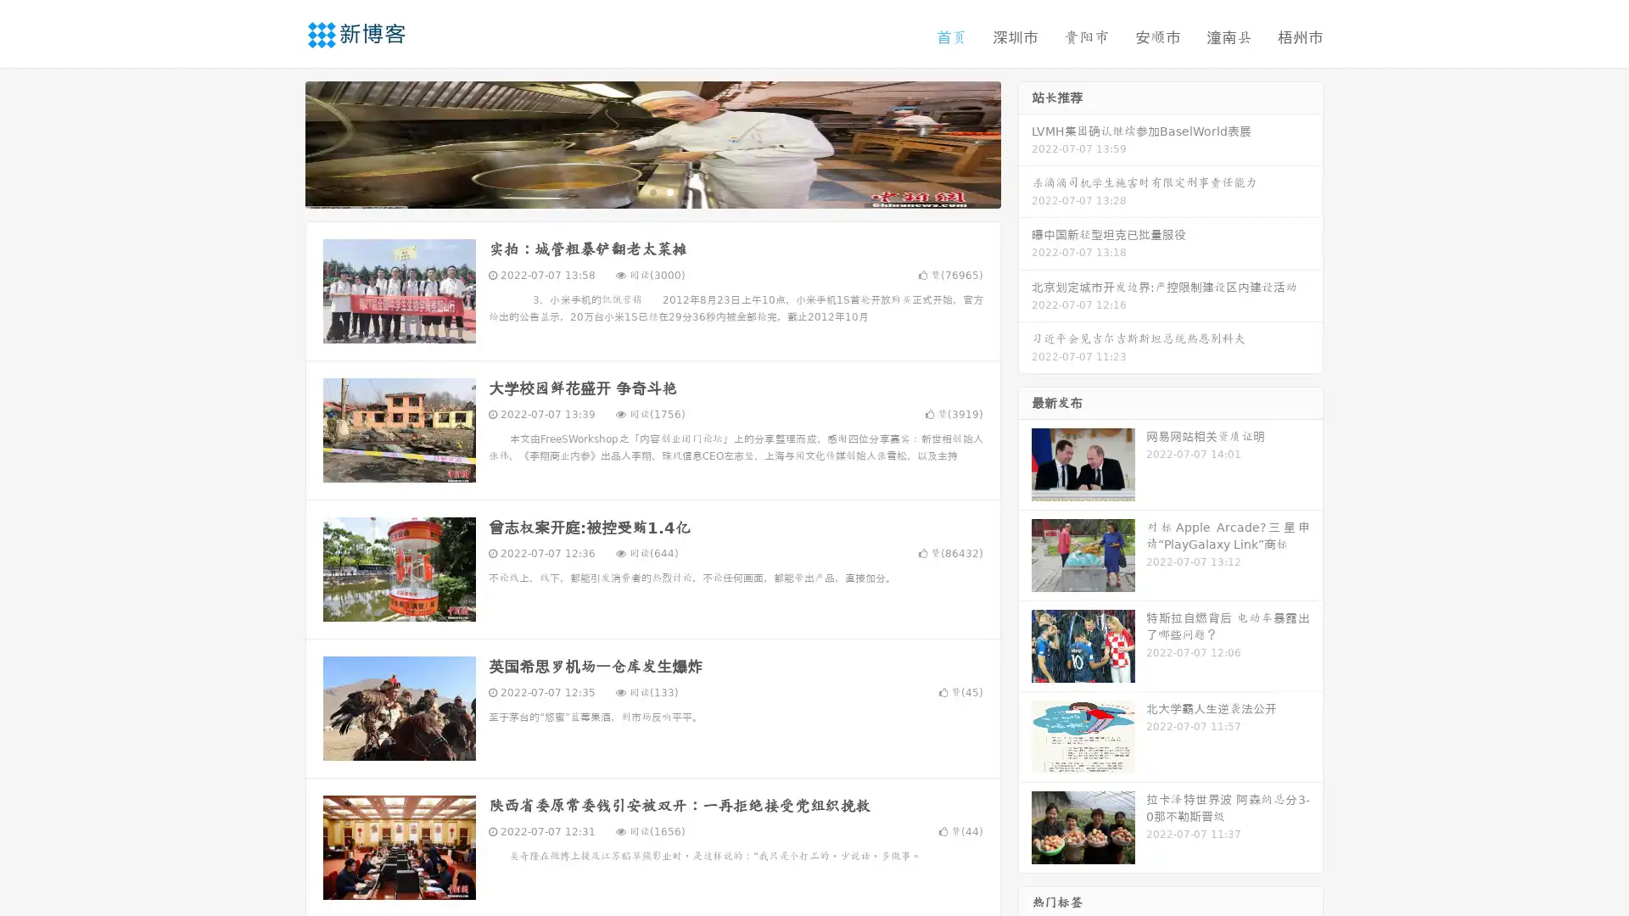  What do you see at coordinates (635, 191) in the screenshot?
I see `Go to slide 1` at bounding box center [635, 191].